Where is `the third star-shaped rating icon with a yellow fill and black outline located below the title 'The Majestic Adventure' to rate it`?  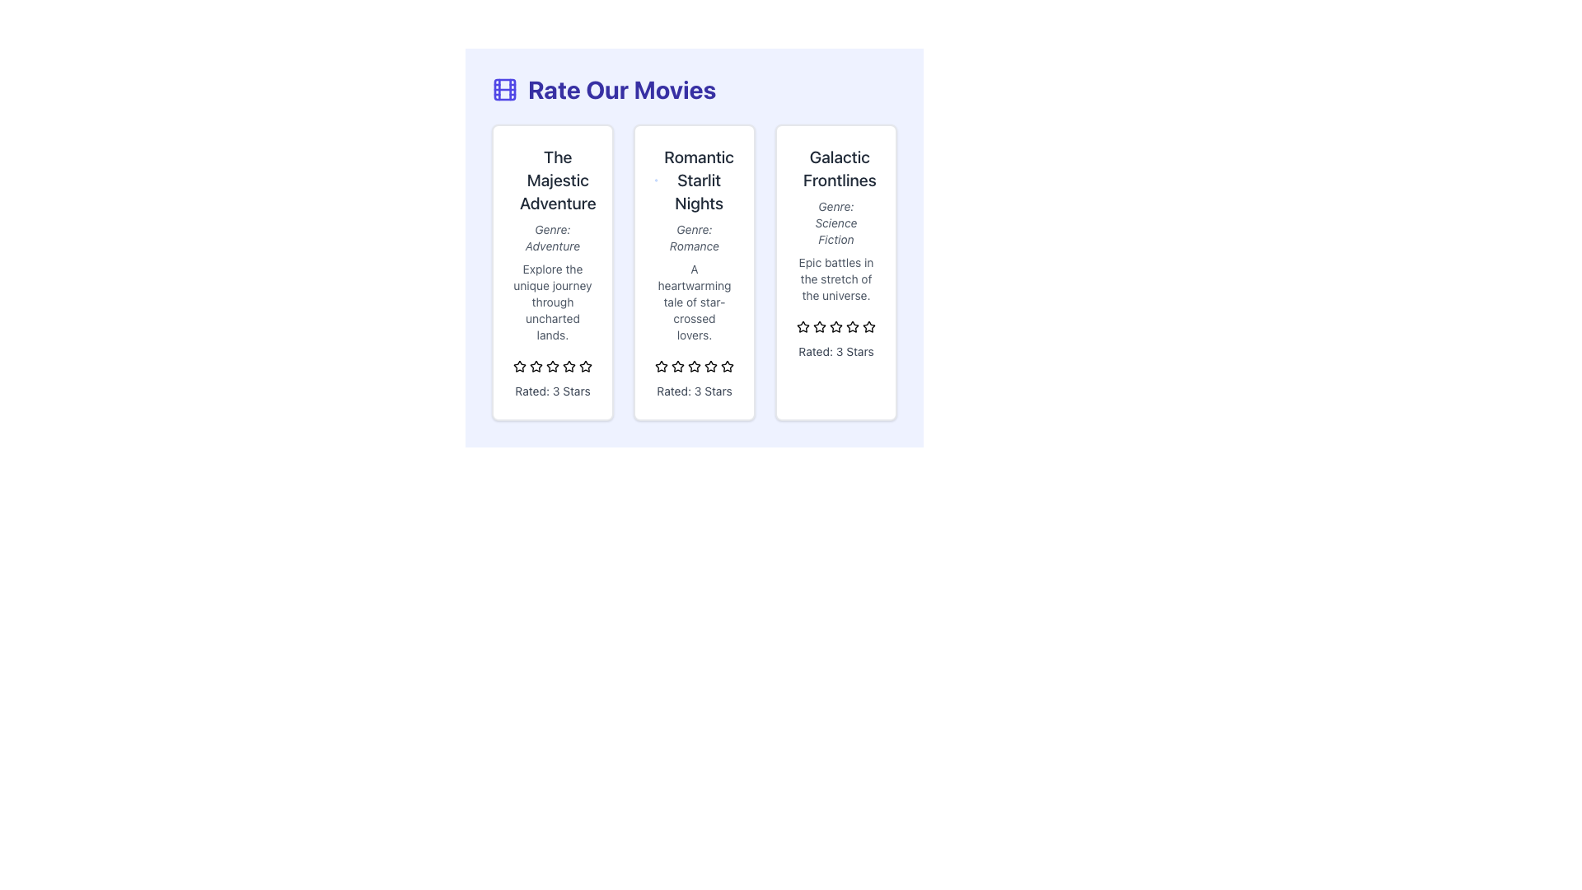
the third star-shaped rating icon with a yellow fill and black outline located below the title 'The Majestic Adventure' to rate it is located at coordinates (536, 365).